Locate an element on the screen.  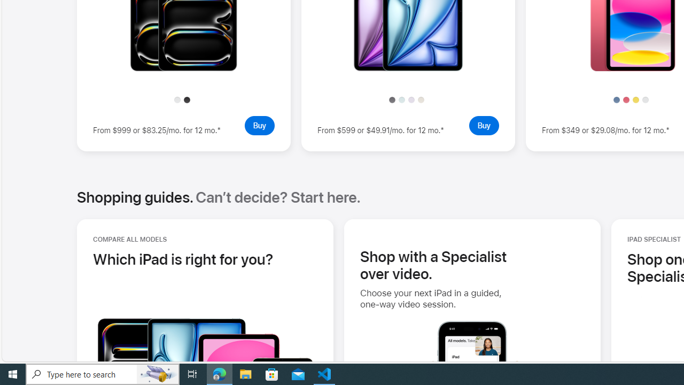
'Buy - iPad Air ' is located at coordinates (483, 125).